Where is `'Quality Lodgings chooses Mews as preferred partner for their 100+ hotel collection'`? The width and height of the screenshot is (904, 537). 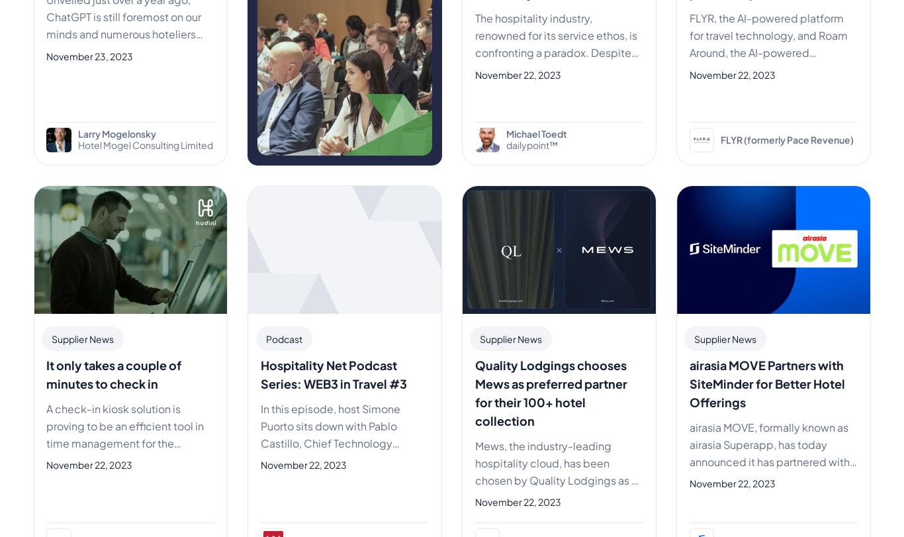
'Quality Lodgings chooses Mews as preferred partner for their 100+ hotel collection' is located at coordinates (550, 391).